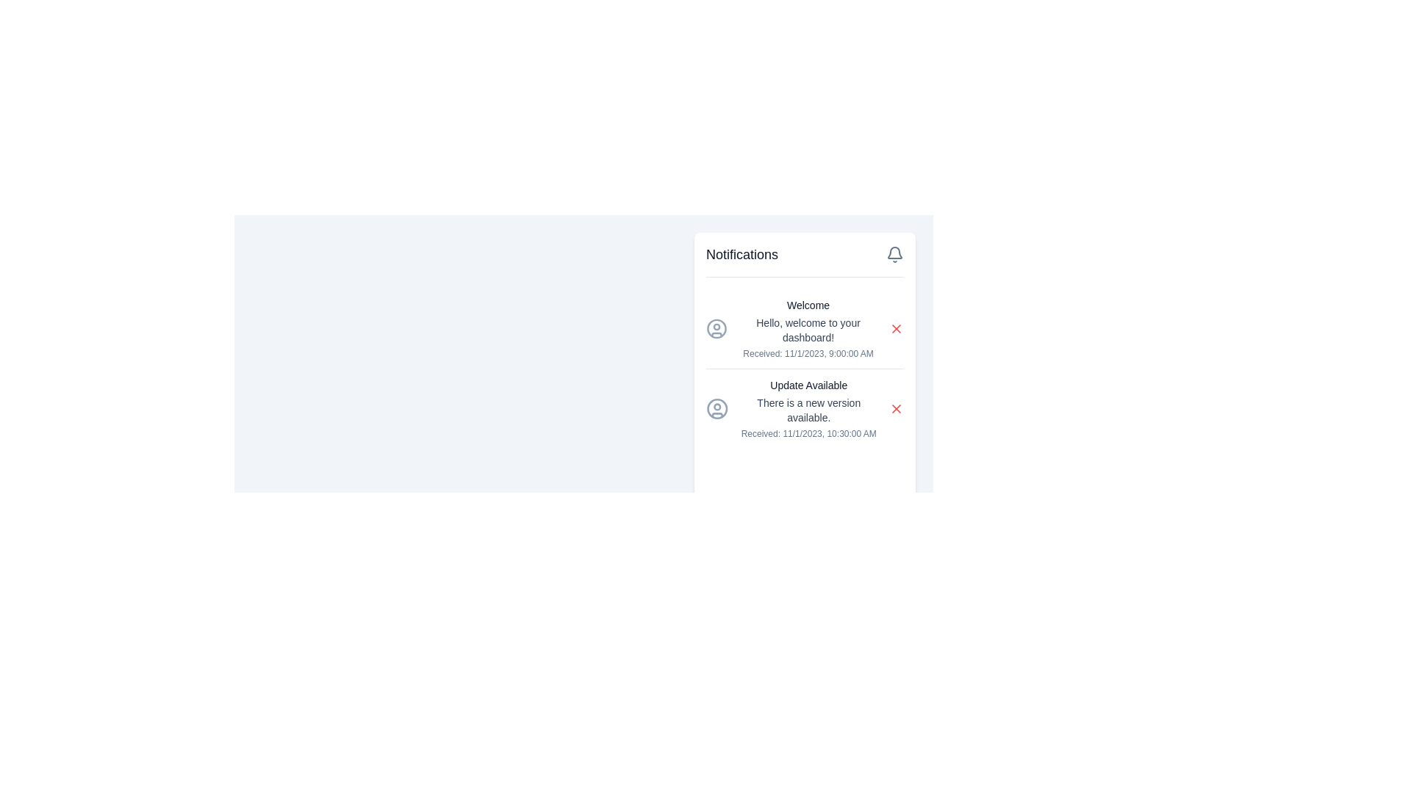 The image size is (1411, 793). What do you see at coordinates (807, 330) in the screenshot?
I see `welcoming message text located below the 'Welcome' heading and above the date and time text in the notification card on the right sidebar` at bounding box center [807, 330].